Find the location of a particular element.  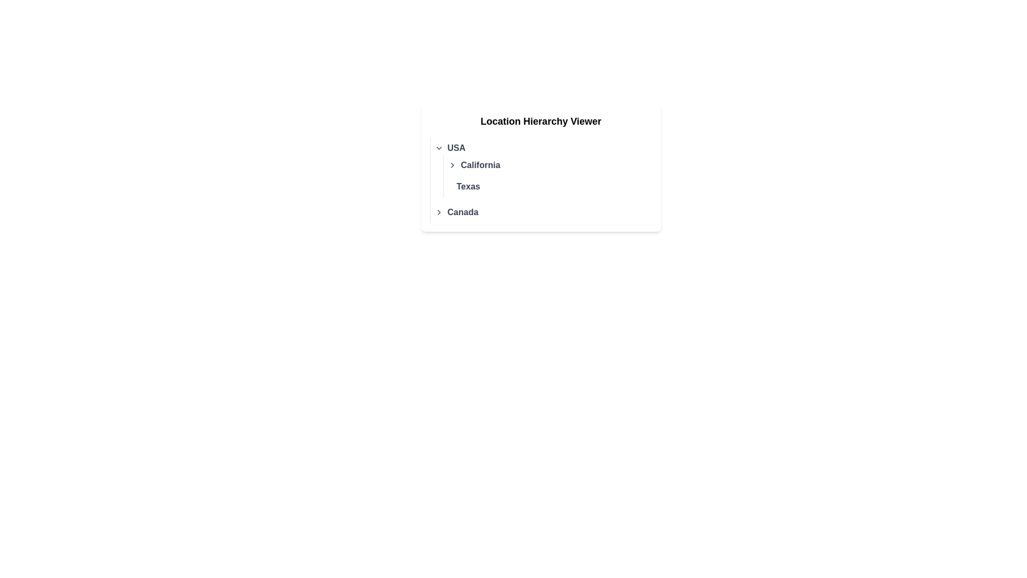

the right-facing chevron icon, which is gray and darkens on hover, located to the immediate left of the text 'California' in the hierarchy viewer is located at coordinates (452, 165).